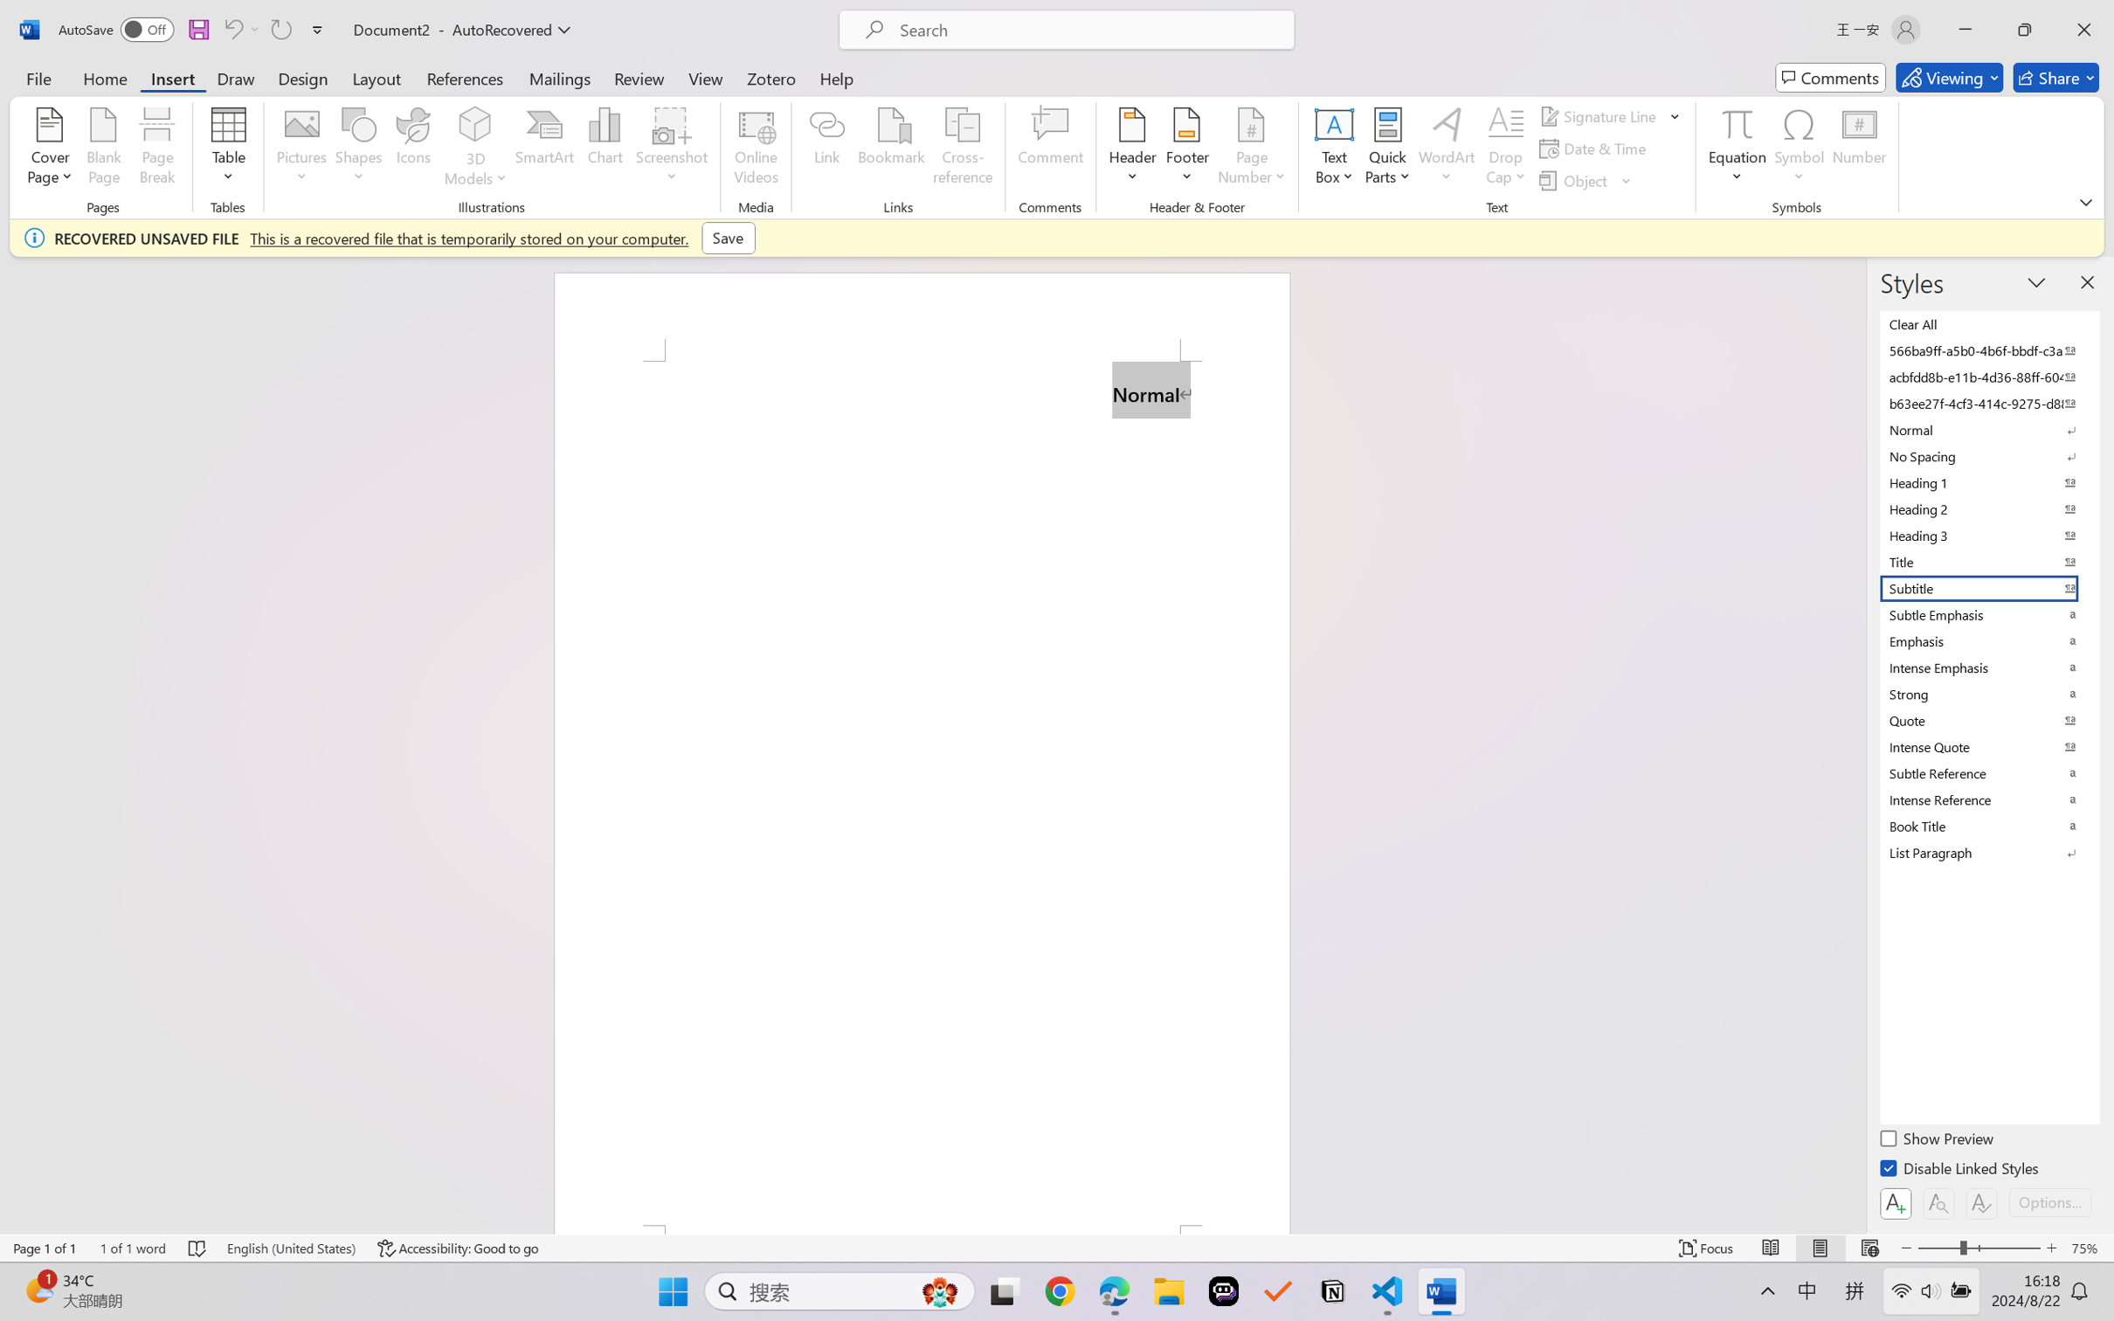 The width and height of the screenshot is (2114, 1321). I want to click on 'Subtitle', so click(1987, 588).